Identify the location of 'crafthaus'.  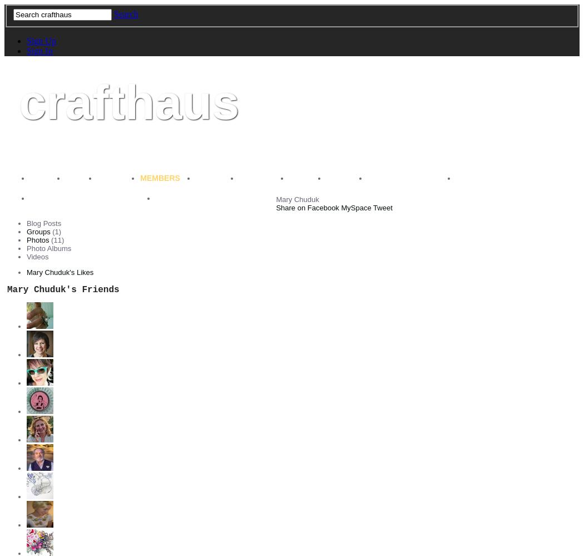
(129, 101).